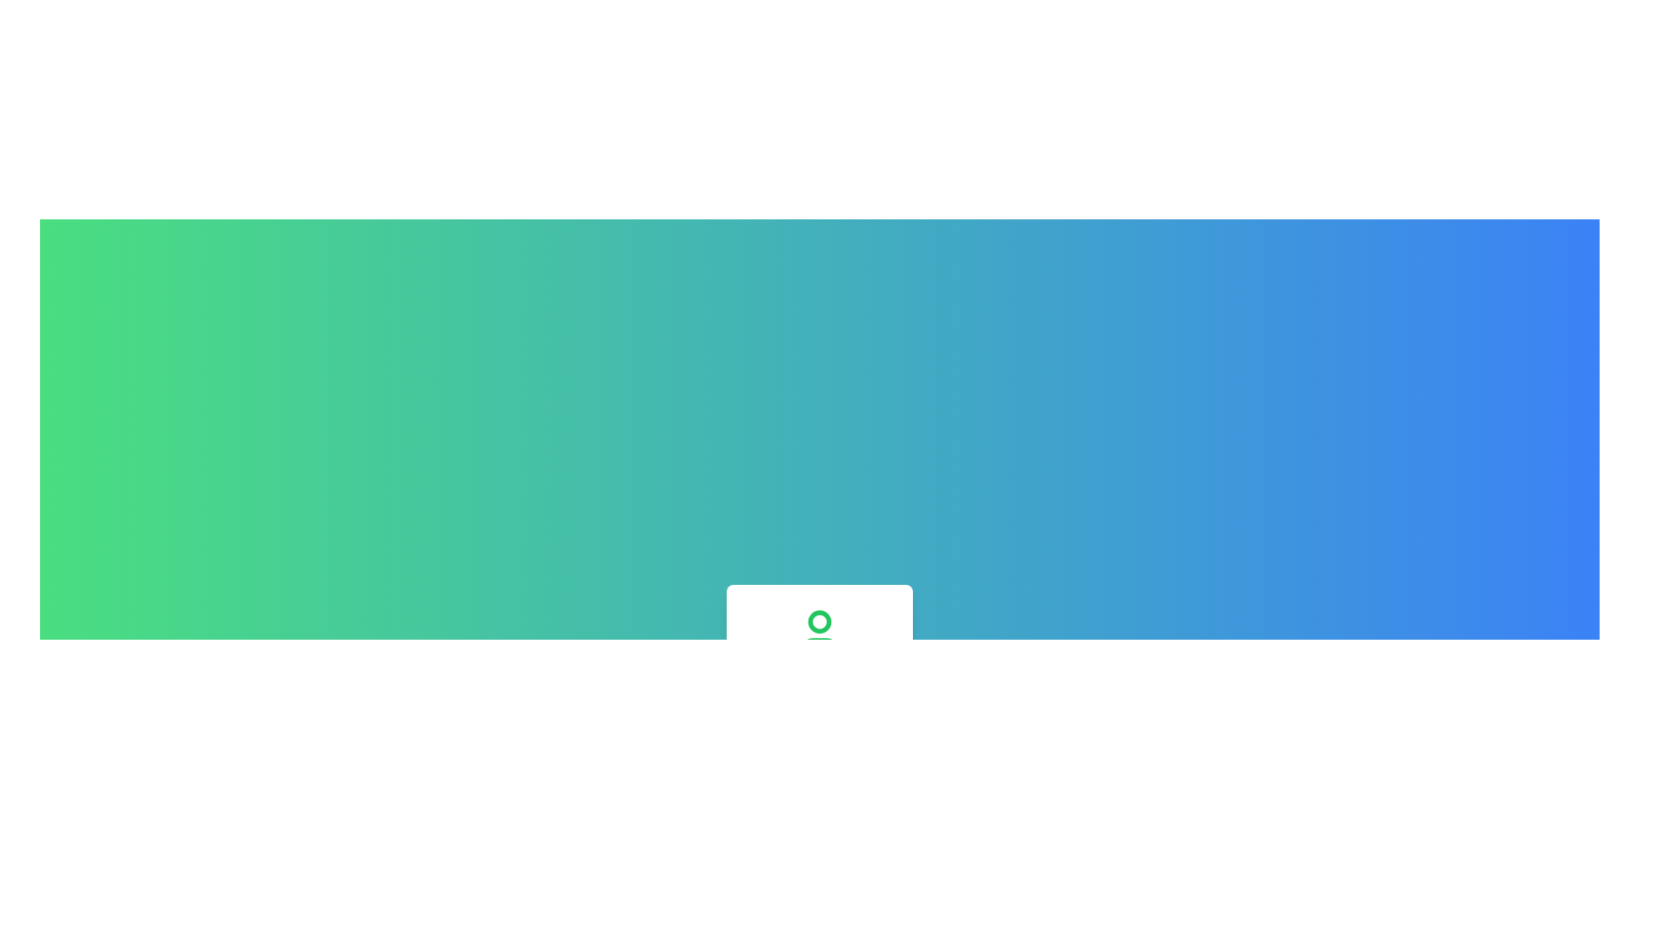 The height and width of the screenshot is (940, 1671). I want to click on the user profile icon that visually represents a person, located at the top-center of the user profile summary section, preceding the text 'Alice Johnson' and 'Senior Designer', so click(818, 634).